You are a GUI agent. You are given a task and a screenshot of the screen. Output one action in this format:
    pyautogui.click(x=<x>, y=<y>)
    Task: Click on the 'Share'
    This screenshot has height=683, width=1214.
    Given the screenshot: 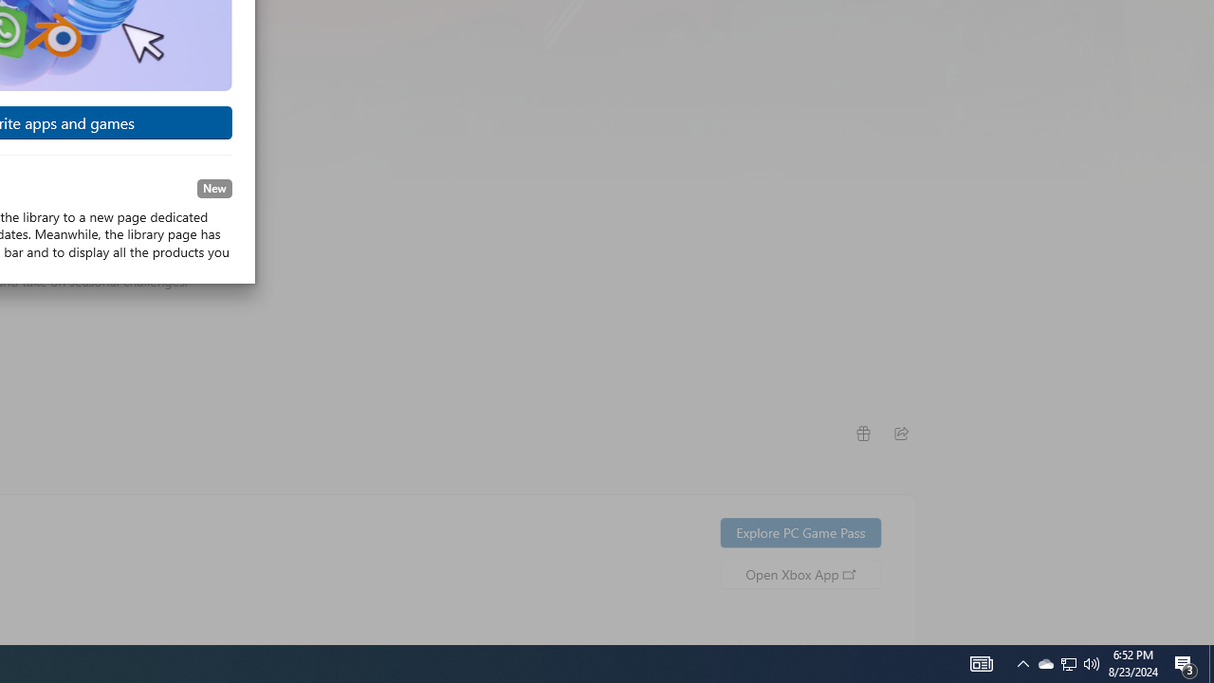 What is the action you would take?
    pyautogui.click(x=900, y=433)
    